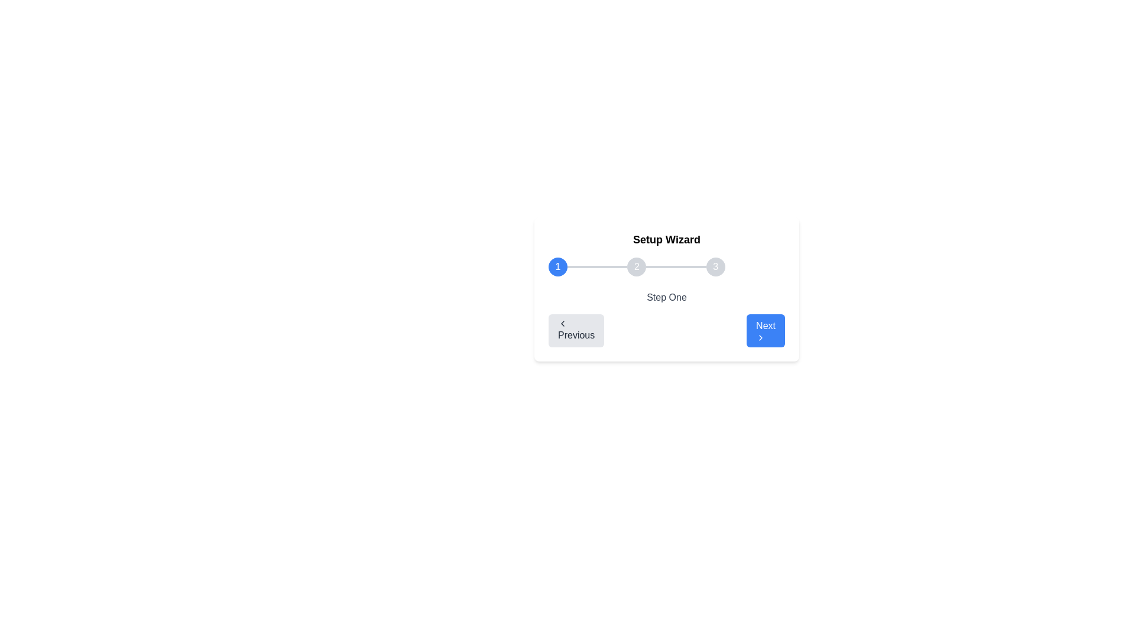 The height and width of the screenshot is (638, 1135). What do you see at coordinates (562, 323) in the screenshot?
I see `the backward navigation icon located to the left of the 'Previous' text within the Setup Wizard interface` at bounding box center [562, 323].